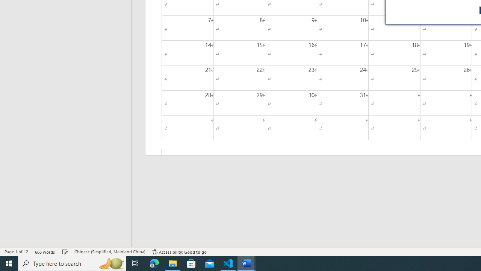 The width and height of the screenshot is (481, 271). I want to click on 'Type here to search', so click(72, 263).